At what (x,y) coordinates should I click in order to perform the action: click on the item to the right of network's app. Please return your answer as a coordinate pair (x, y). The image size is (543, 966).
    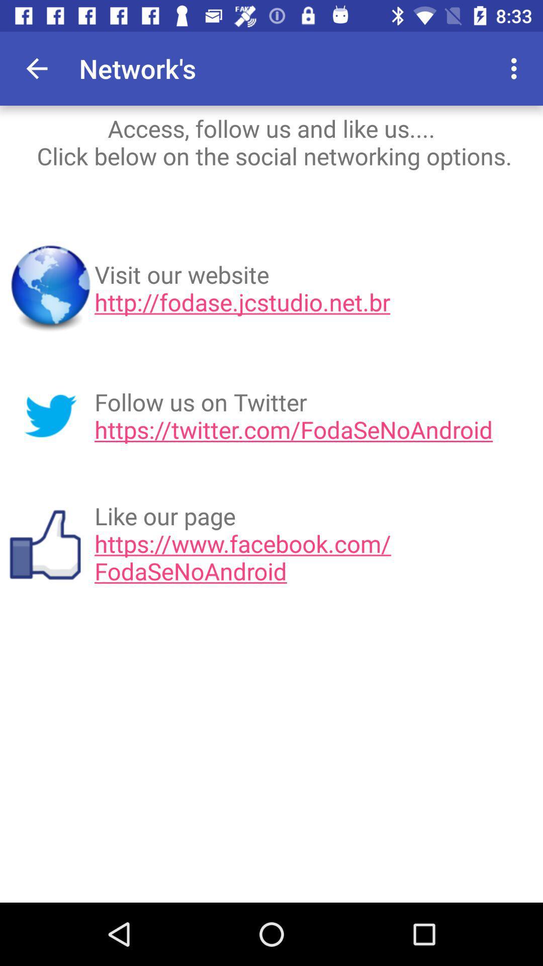
    Looking at the image, I should click on (458, 68).